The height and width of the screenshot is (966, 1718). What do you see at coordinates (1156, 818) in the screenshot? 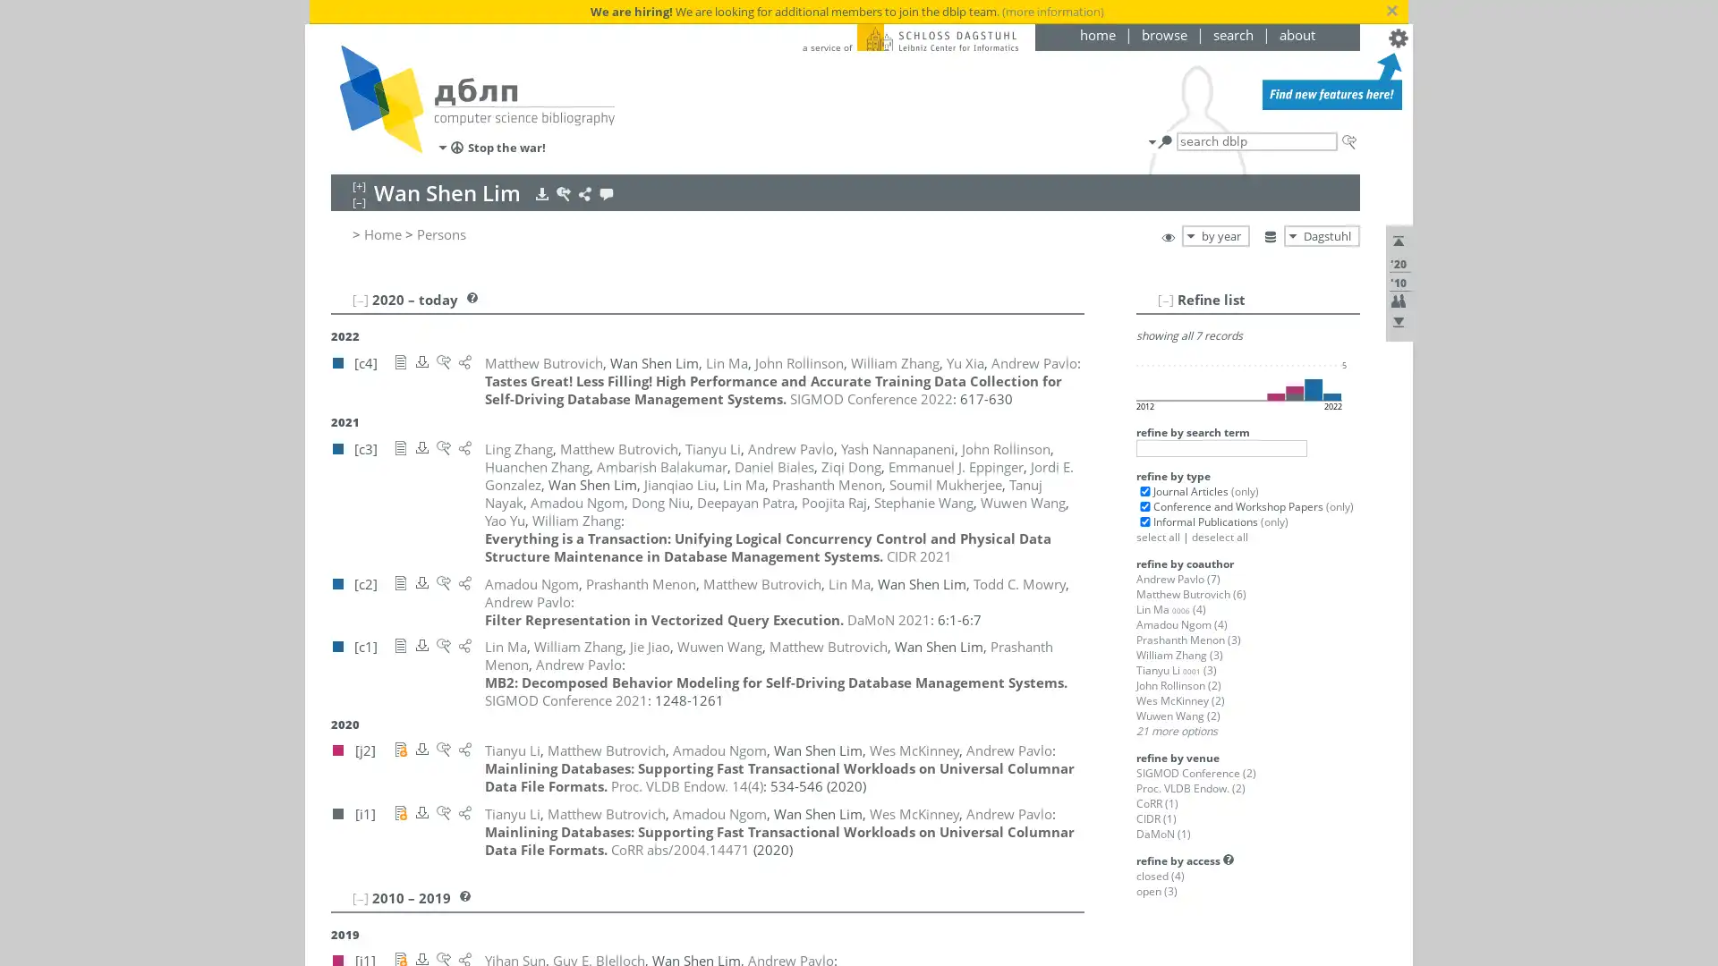
I see `CIDR (1)` at bounding box center [1156, 818].